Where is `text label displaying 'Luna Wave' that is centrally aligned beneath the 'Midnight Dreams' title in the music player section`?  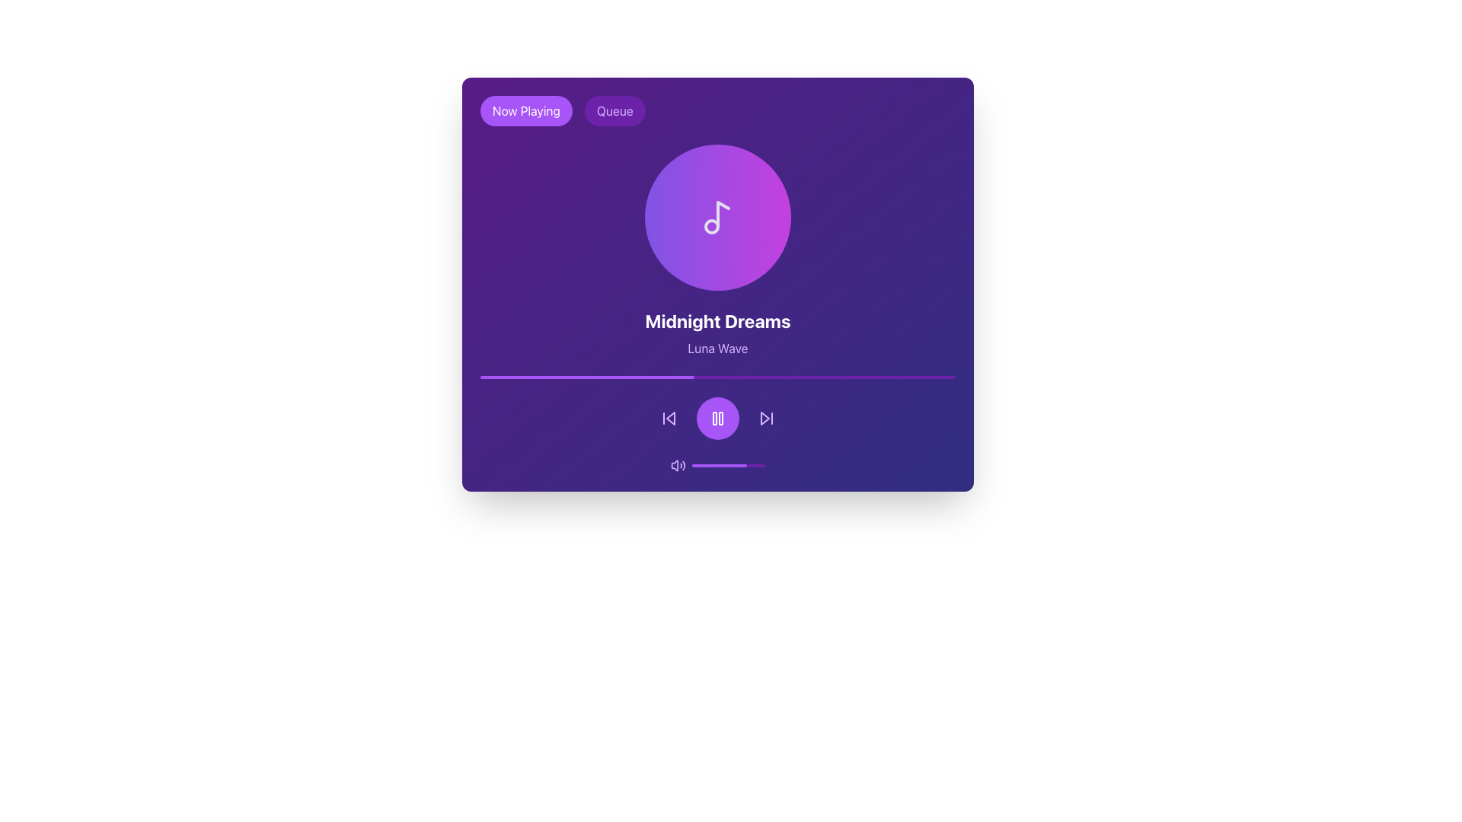
text label displaying 'Luna Wave' that is centrally aligned beneath the 'Midnight Dreams' title in the music player section is located at coordinates (717, 349).